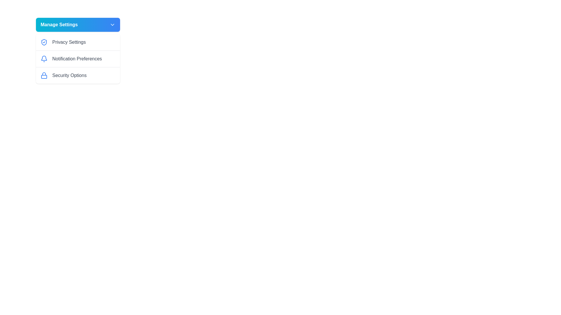 The width and height of the screenshot is (561, 315). I want to click on the lock-shaped icon with a blue fill and thin stroke, located to the left of the 'Security Options' text, so click(44, 75).